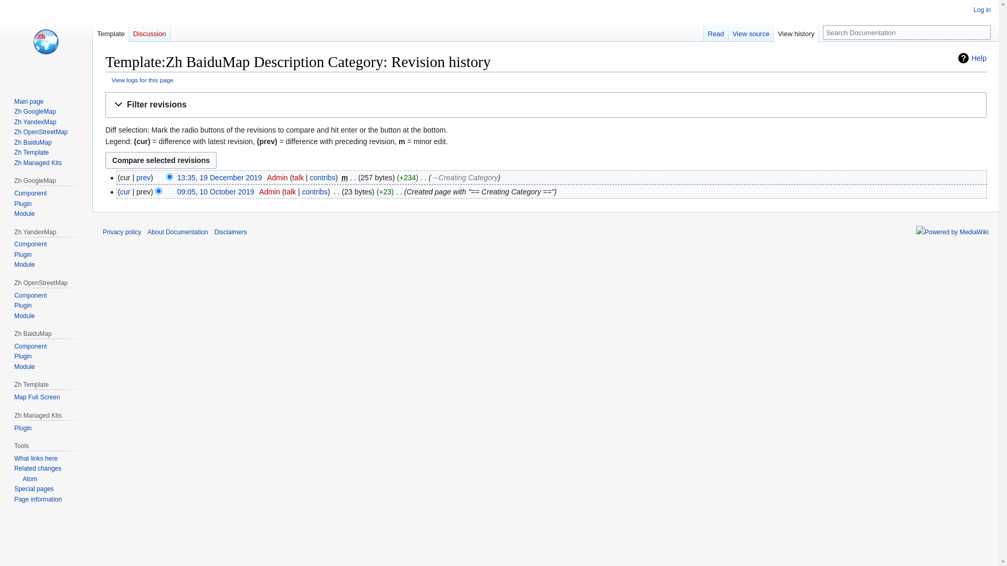 This screenshot has width=1007, height=566. What do you see at coordinates (314, 192) in the screenshot?
I see `'contribs'` at bounding box center [314, 192].